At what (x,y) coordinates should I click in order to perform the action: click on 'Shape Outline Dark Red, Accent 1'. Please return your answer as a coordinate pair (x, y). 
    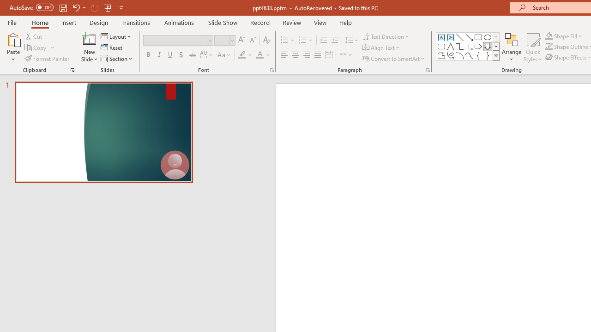
    Looking at the image, I should click on (549, 47).